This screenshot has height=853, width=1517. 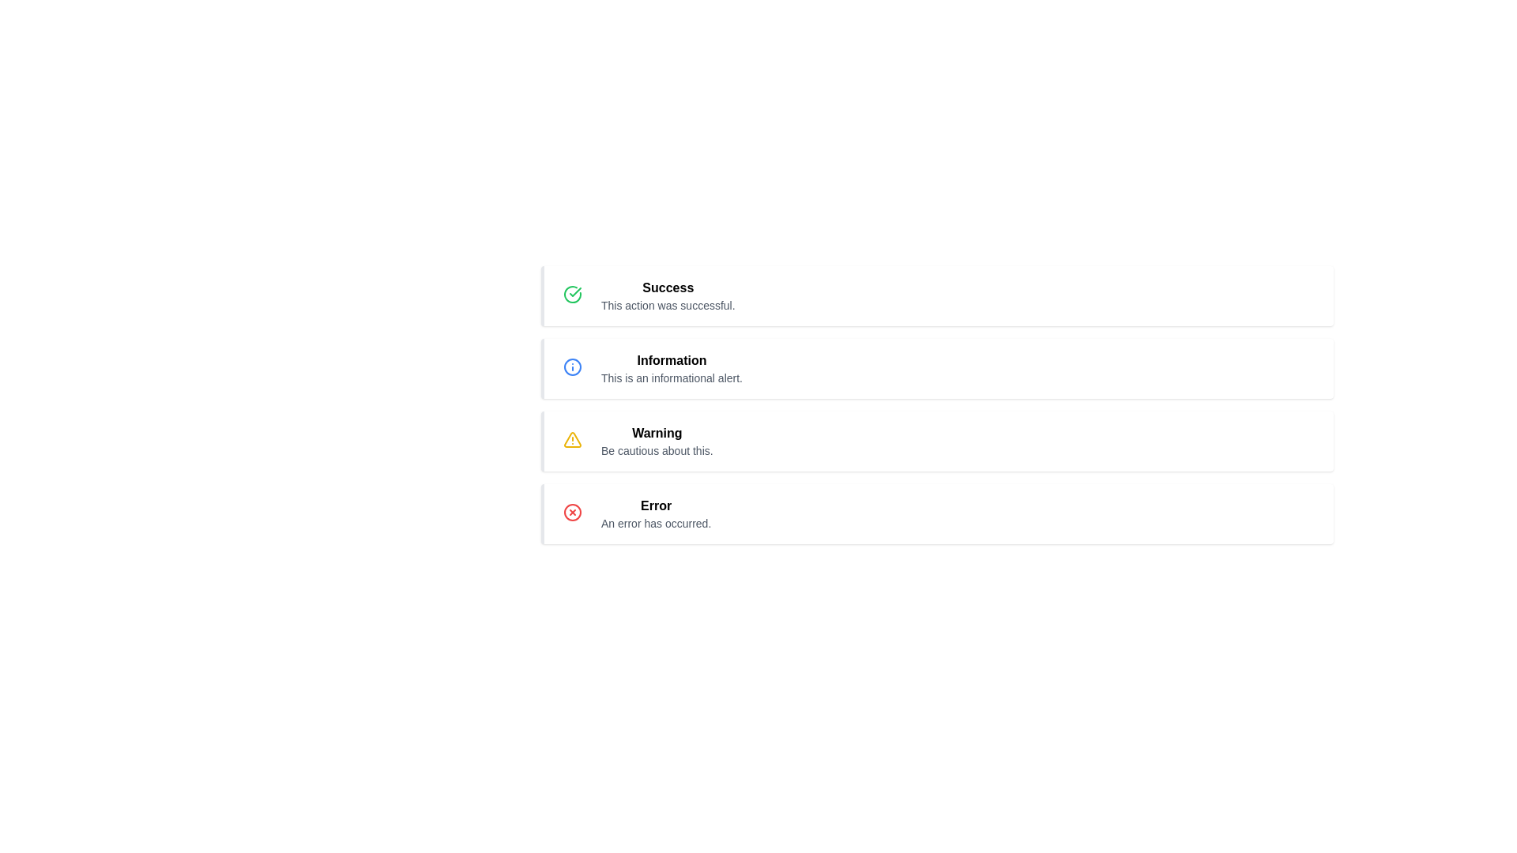 What do you see at coordinates (937, 368) in the screenshot?
I see `the second notification box, which is located between the 'Success' and 'Warning' alerts in the notification list` at bounding box center [937, 368].